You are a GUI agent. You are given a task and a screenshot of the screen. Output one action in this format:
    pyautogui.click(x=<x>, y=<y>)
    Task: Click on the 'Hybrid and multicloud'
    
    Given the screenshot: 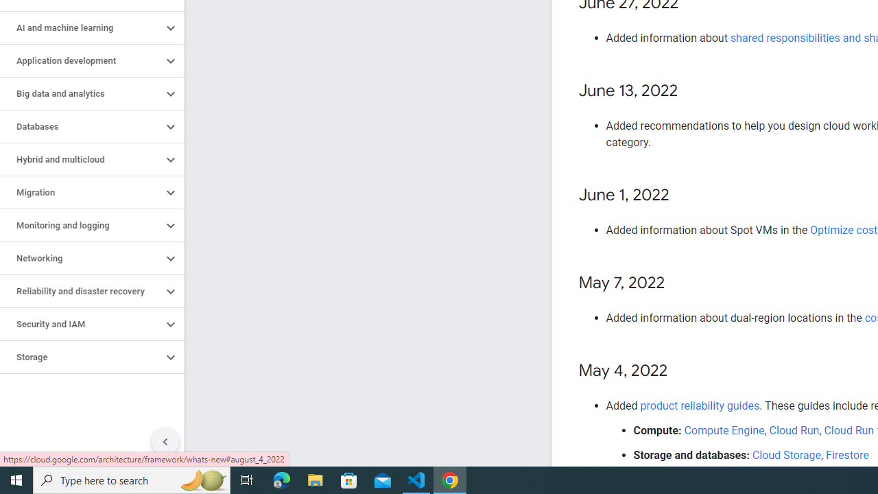 What is the action you would take?
    pyautogui.click(x=80, y=158)
    